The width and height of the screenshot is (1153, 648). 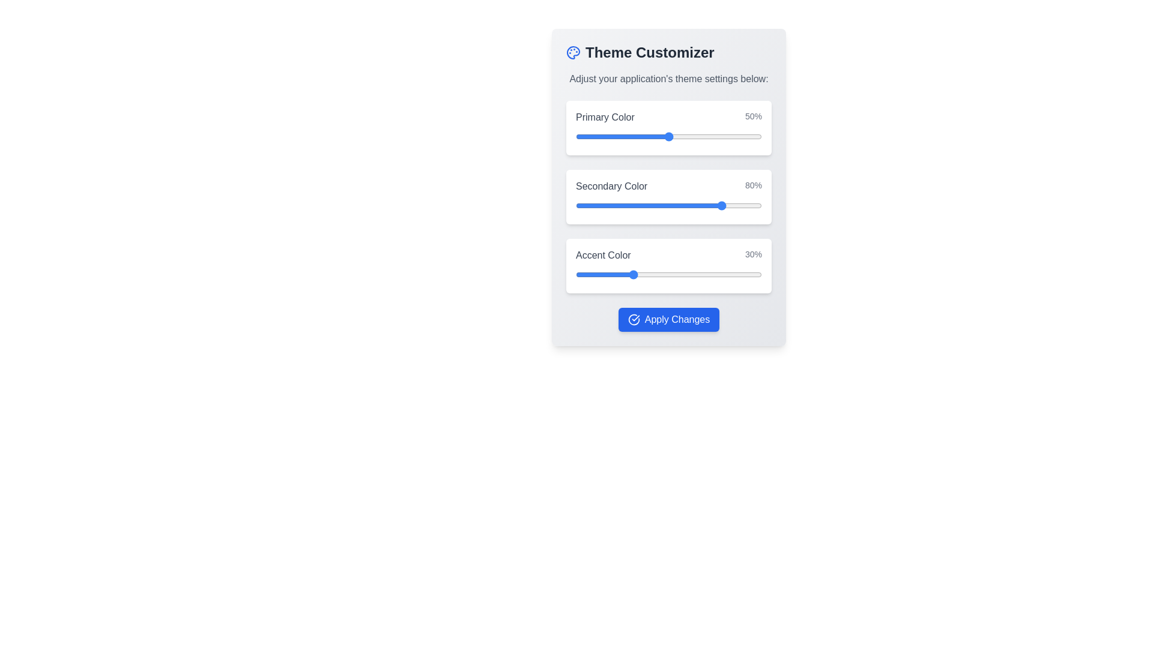 What do you see at coordinates (668, 79) in the screenshot?
I see `the Text Label that provides instructions for the Theme Customizer interface, located directly below the header labeled 'Theme Customizer'` at bounding box center [668, 79].